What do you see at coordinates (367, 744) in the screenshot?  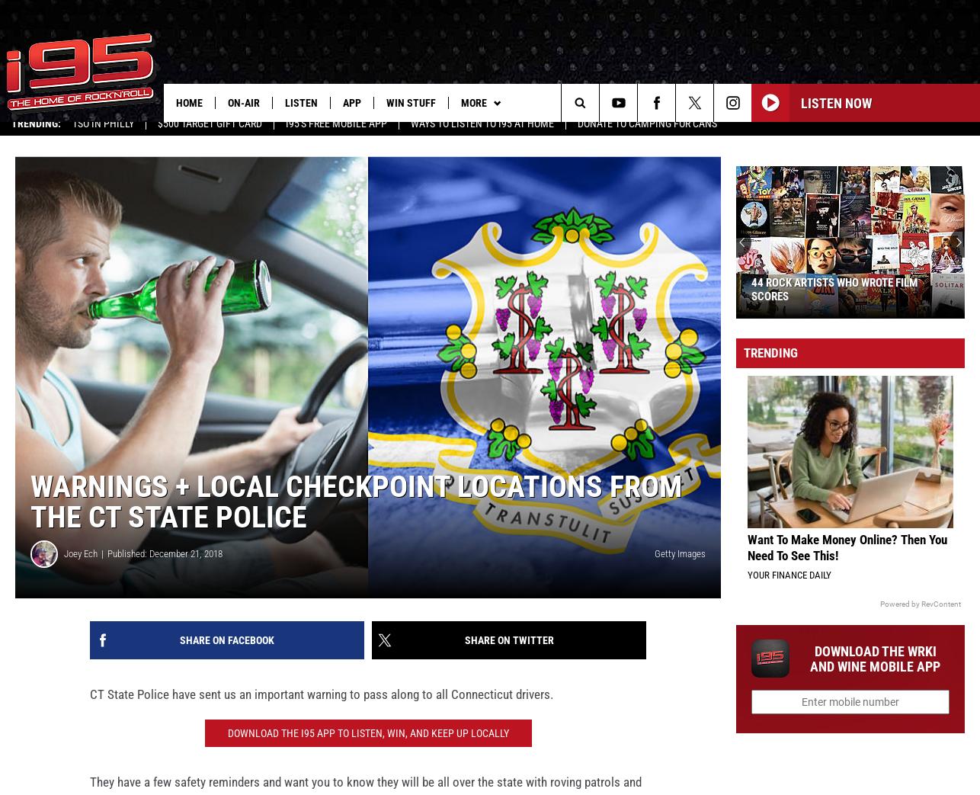 I see `'Download the i95 App to Listen, Win, and Keep Up Locally'` at bounding box center [367, 744].